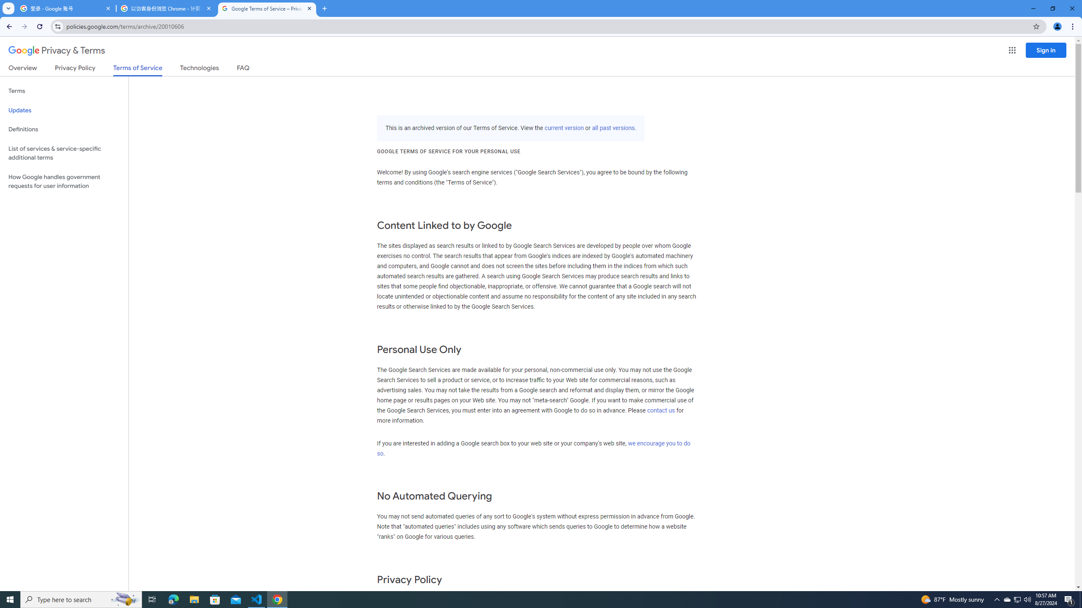  What do you see at coordinates (564, 128) in the screenshot?
I see `'current version'` at bounding box center [564, 128].